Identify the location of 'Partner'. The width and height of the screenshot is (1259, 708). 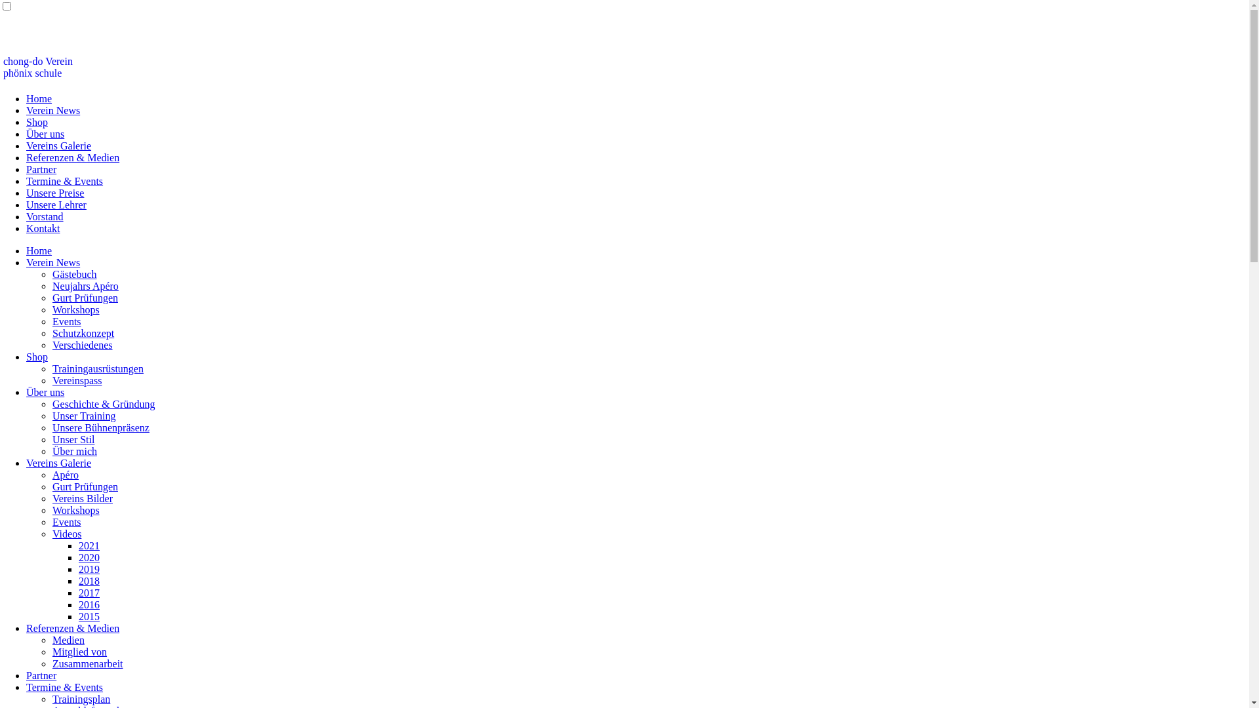
(41, 675).